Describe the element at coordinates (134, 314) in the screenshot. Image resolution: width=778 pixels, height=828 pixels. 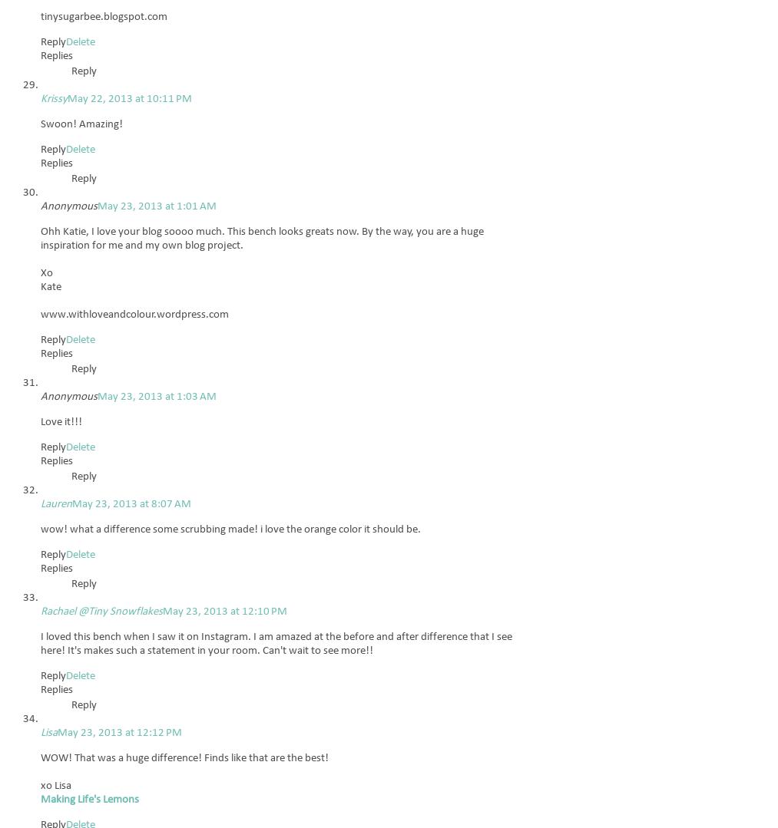
I see `'www.withloveandcolour.wordpress.com'` at that location.